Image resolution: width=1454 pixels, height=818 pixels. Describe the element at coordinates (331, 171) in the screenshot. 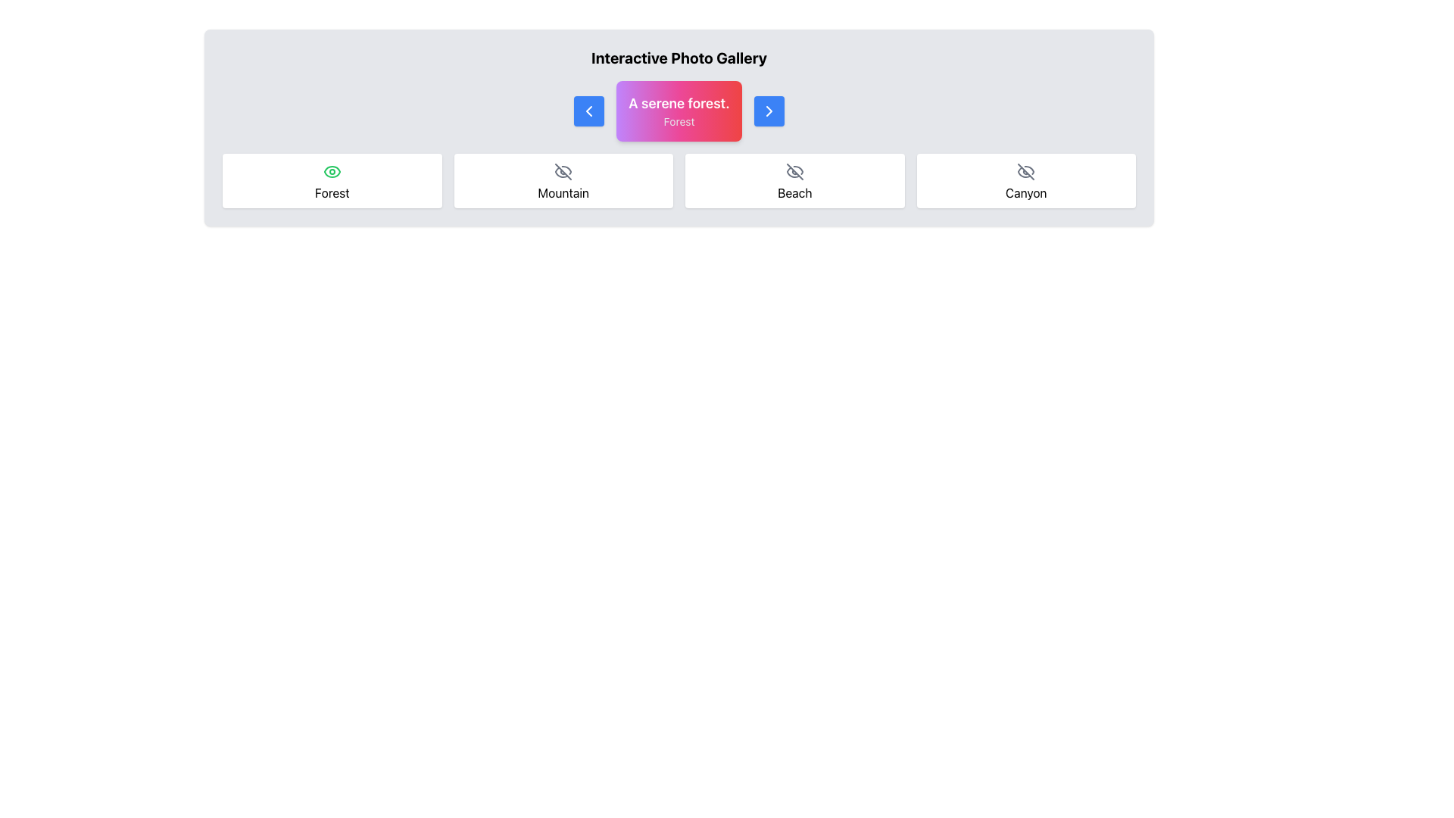

I see `the green eye-shaped icon located to the left of the 'Forest' text label` at that location.